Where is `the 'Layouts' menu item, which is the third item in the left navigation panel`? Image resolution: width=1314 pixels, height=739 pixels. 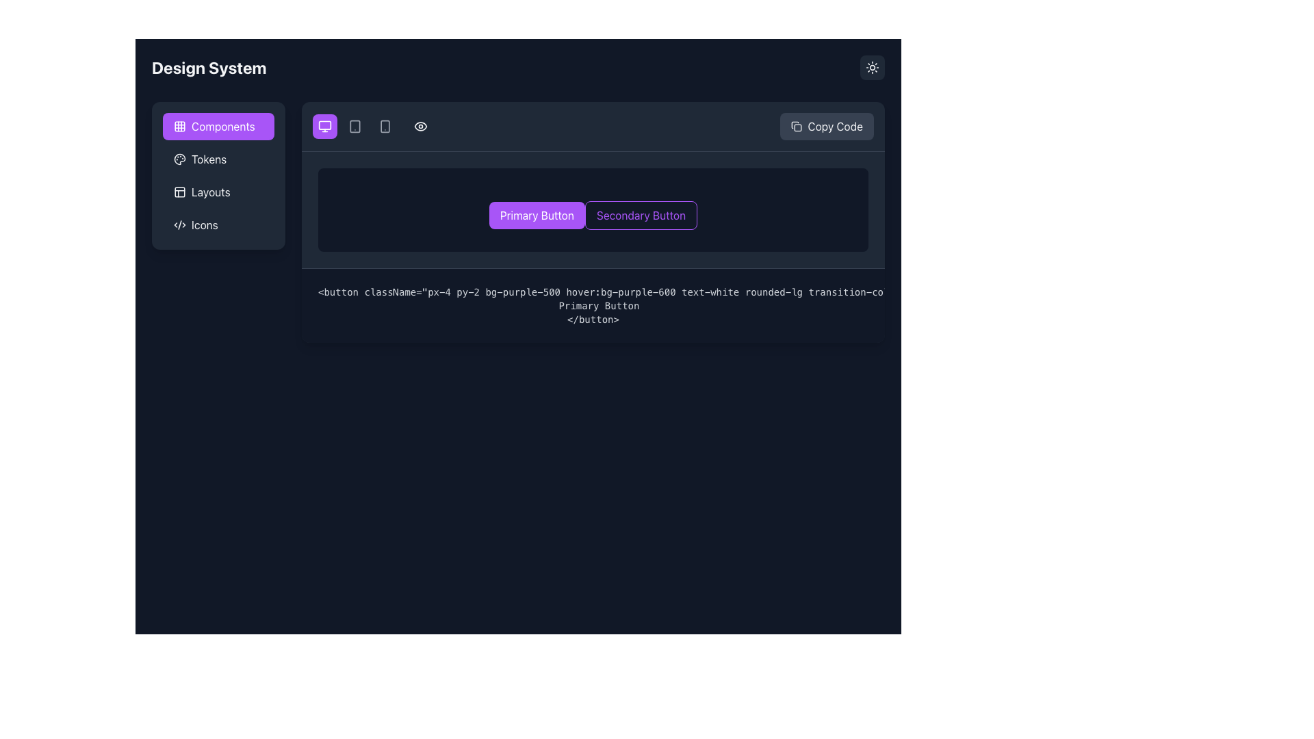
the 'Layouts' menu item, which is the third item in the left navigation panel is located at coordinates (218, 192).